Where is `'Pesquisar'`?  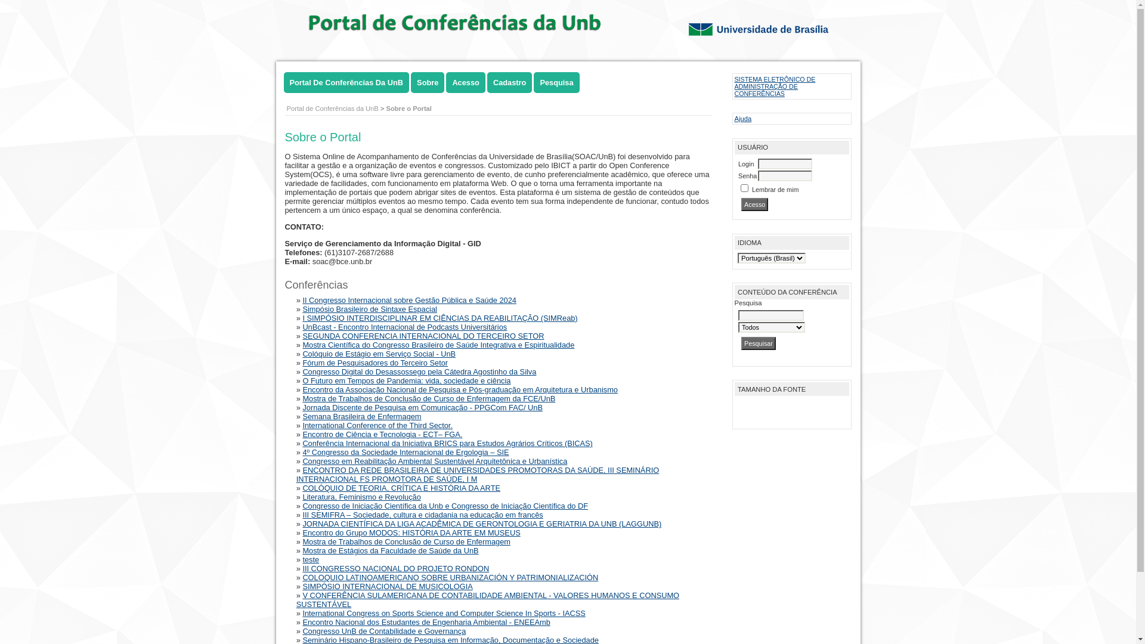 'Pesquisar' is located at coordinates (758, 343).